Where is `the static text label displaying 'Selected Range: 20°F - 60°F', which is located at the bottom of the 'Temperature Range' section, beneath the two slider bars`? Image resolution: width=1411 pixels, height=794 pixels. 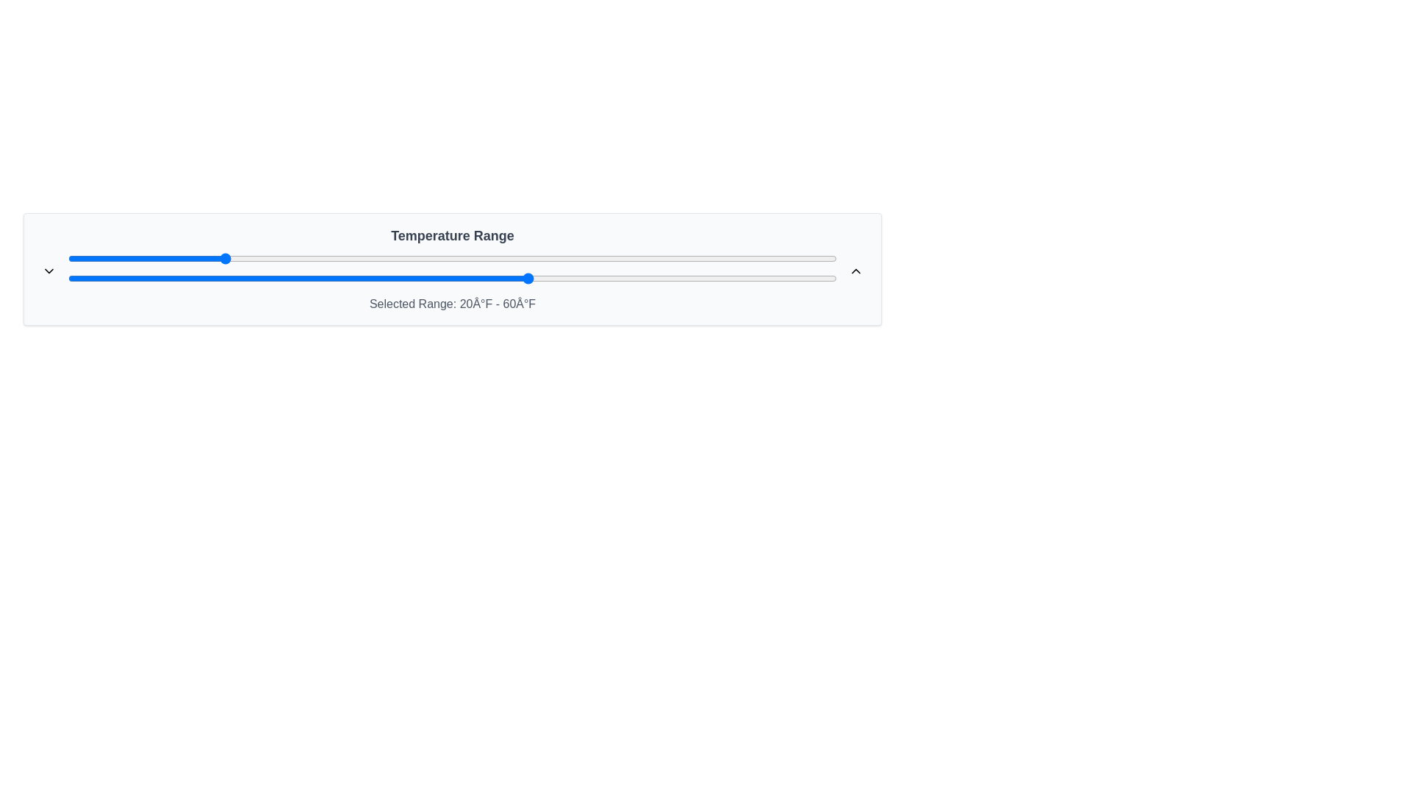
the static text label displaying 'Selected Range: 20°F - 60°F', which is located at the bottom of the 'Temperature Range' section, beneath the two slider bars is located at coordinates (451, 303).